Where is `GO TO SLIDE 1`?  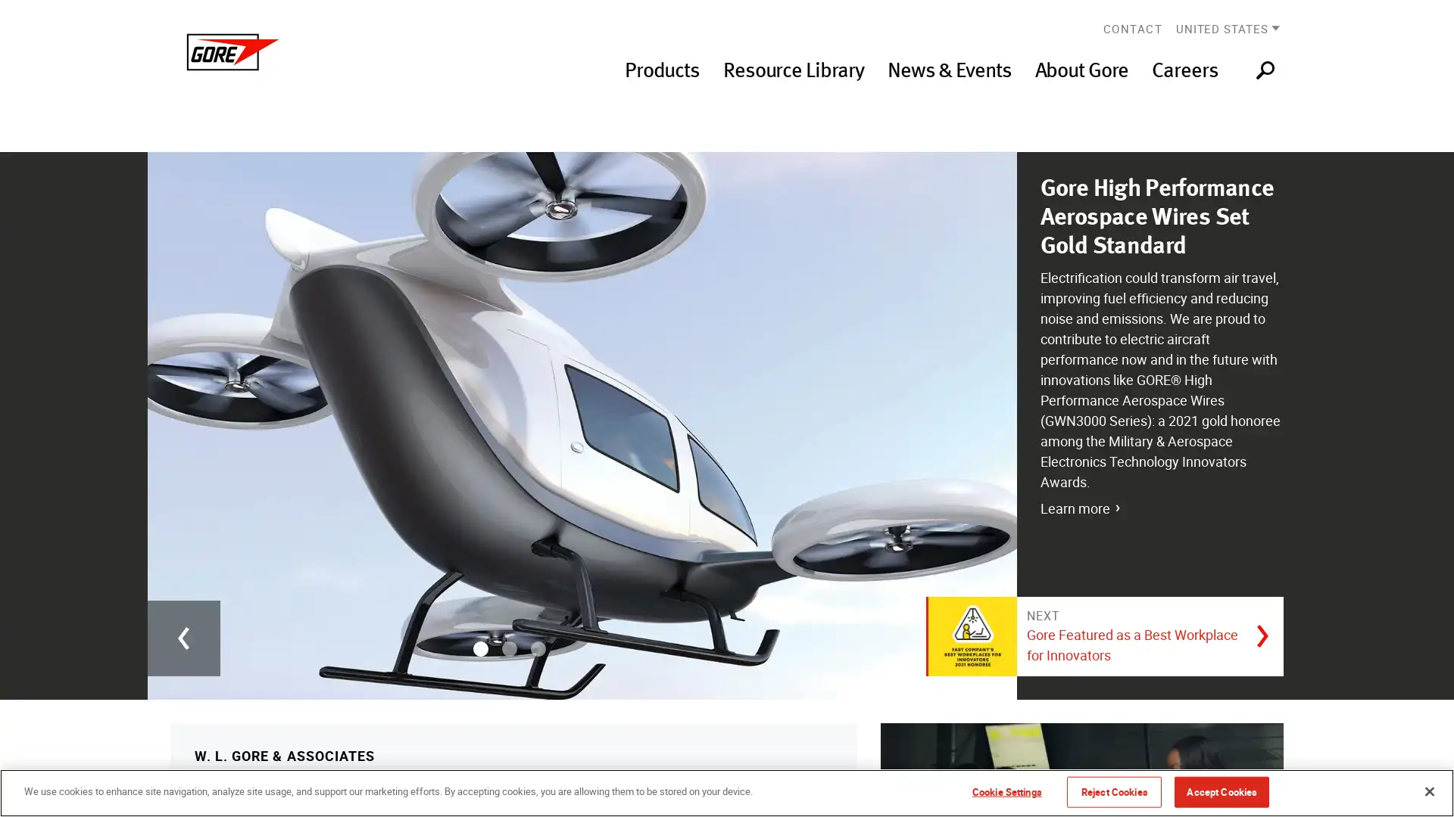 GO TO SLIDE 1 is located at coordinates (479, 647).